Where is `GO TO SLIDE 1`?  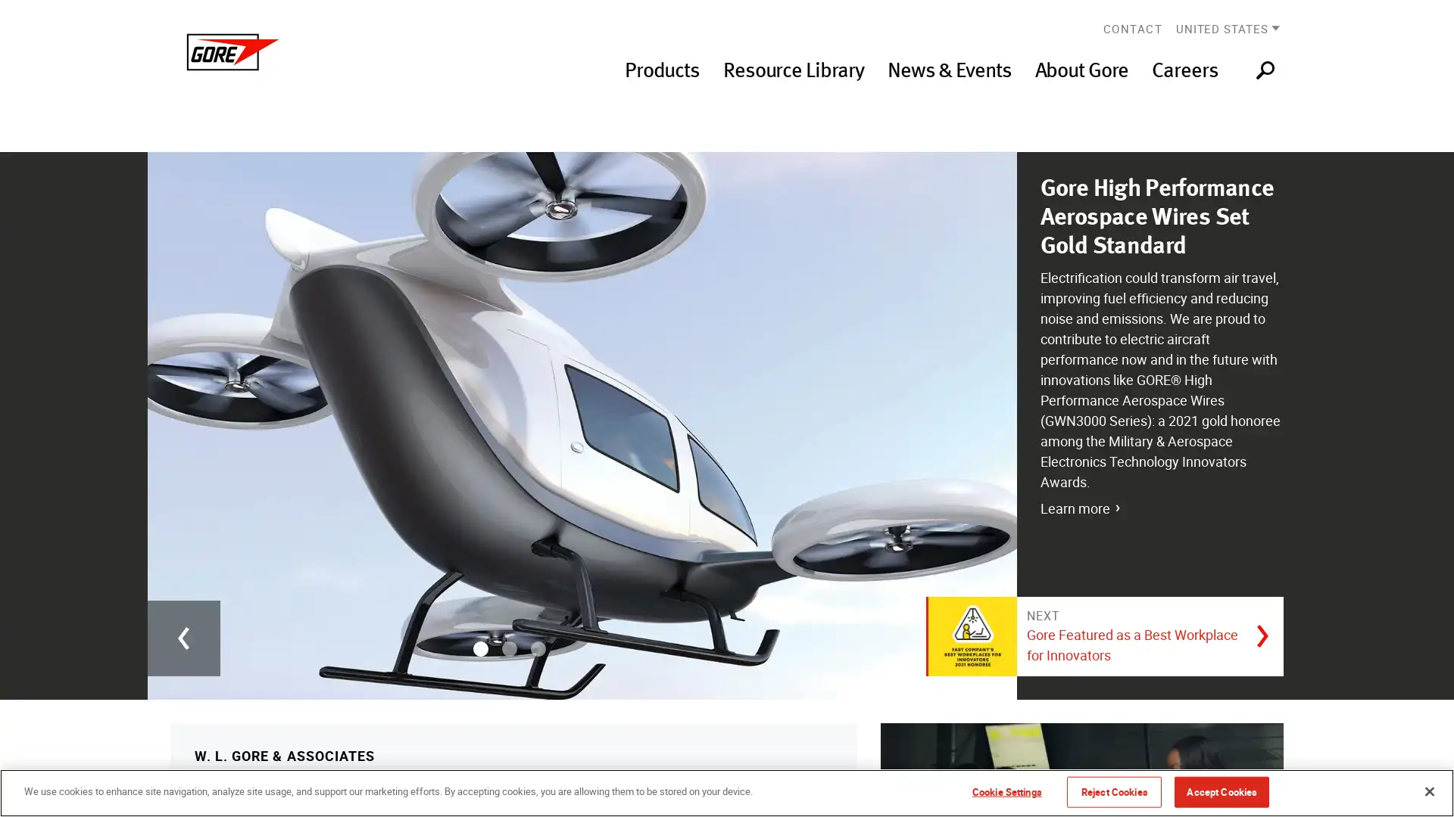 GO TO SLIDE 1 is located at coordinates (479, 647).